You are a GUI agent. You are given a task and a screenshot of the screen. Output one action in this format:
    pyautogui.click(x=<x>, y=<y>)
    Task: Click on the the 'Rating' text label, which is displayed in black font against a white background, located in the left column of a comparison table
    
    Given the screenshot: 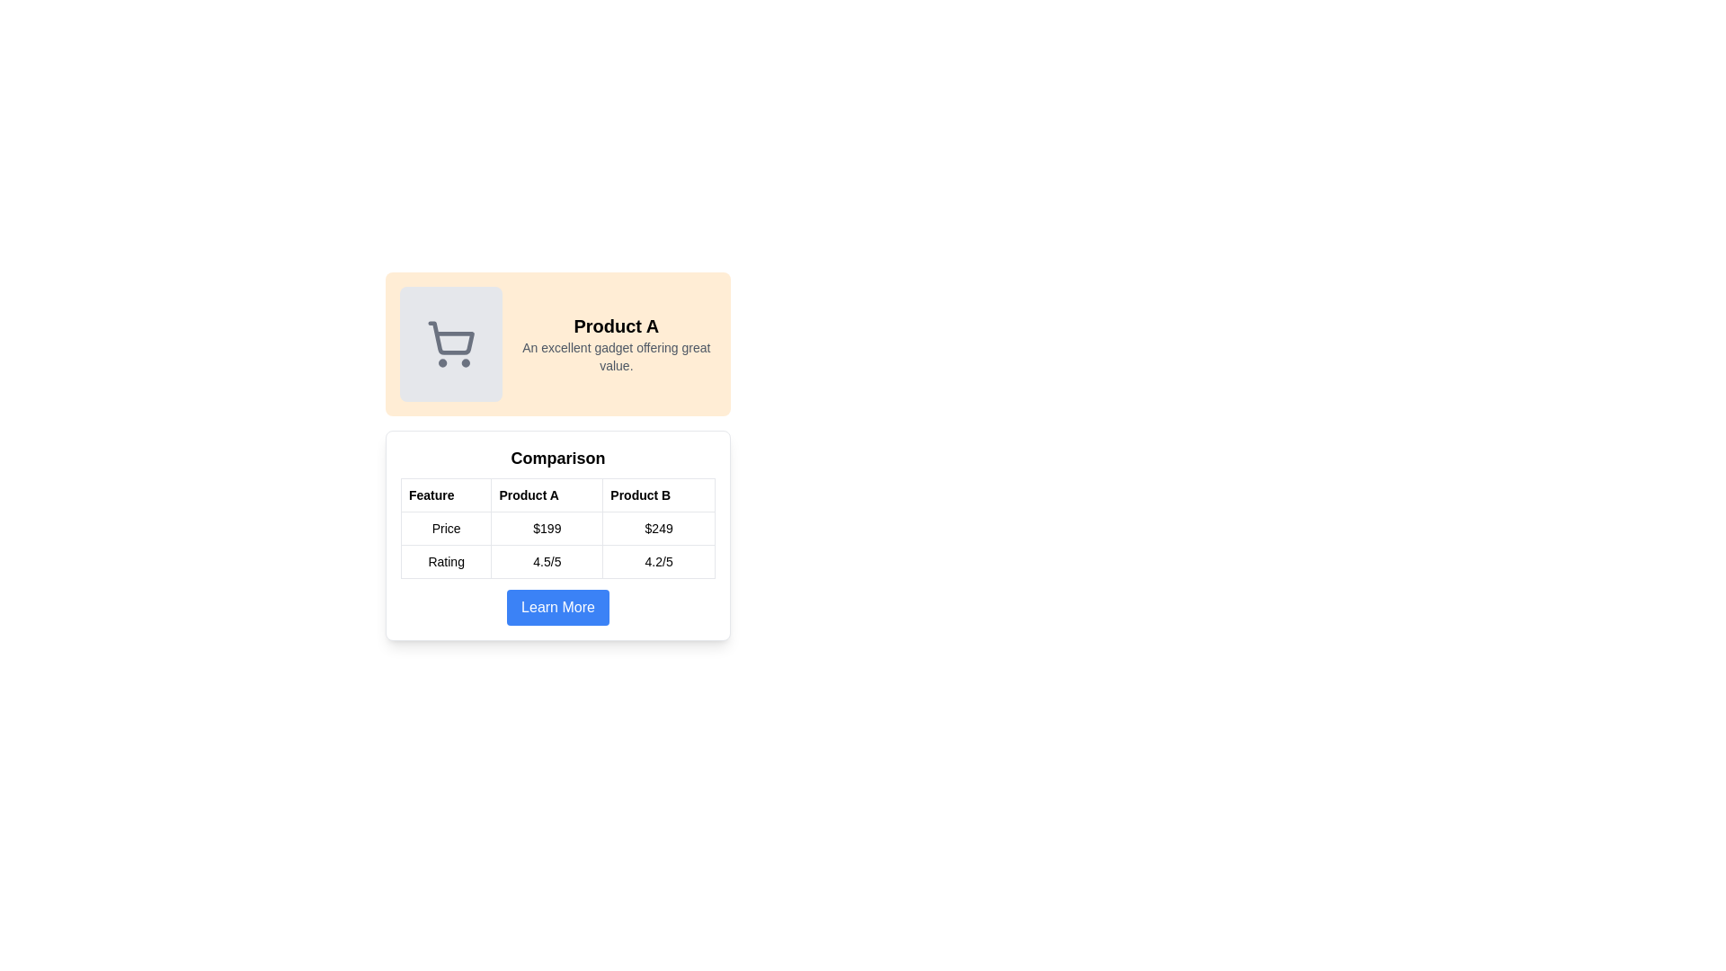 What is the action you would take?
    pyautogui.click(x=446, y=560)
    